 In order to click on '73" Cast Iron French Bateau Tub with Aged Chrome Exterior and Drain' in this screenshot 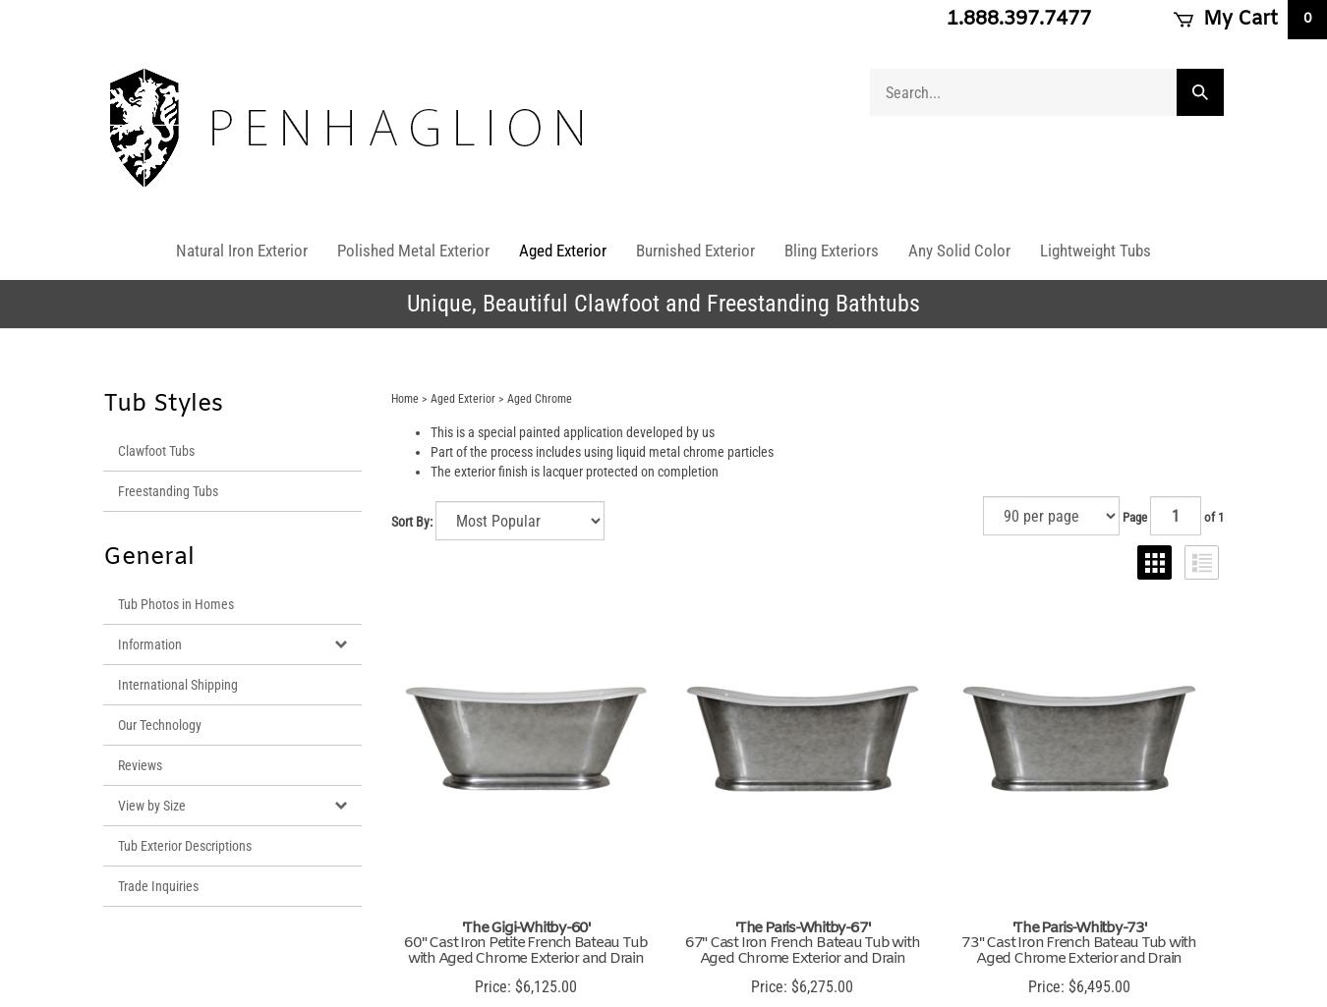, I will do `click(1078, 950)`.